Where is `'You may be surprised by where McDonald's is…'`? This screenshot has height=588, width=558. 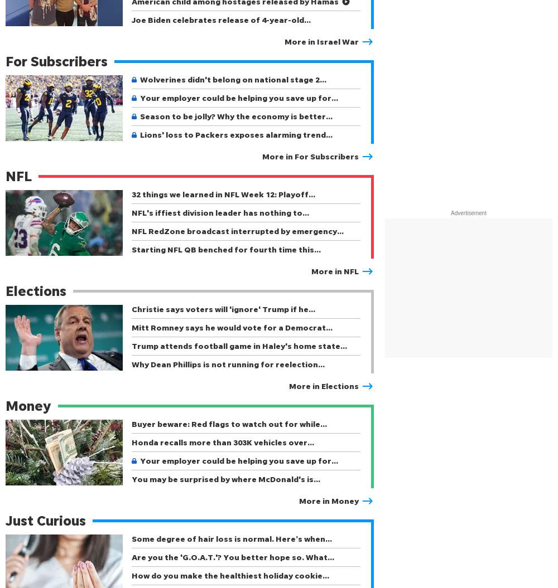
'You may be surprised by where McDonald's is…' is located at coordinates (226, 479).